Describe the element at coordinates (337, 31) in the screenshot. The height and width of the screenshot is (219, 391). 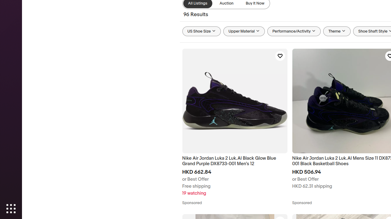
I see `'Theme'` at that location.